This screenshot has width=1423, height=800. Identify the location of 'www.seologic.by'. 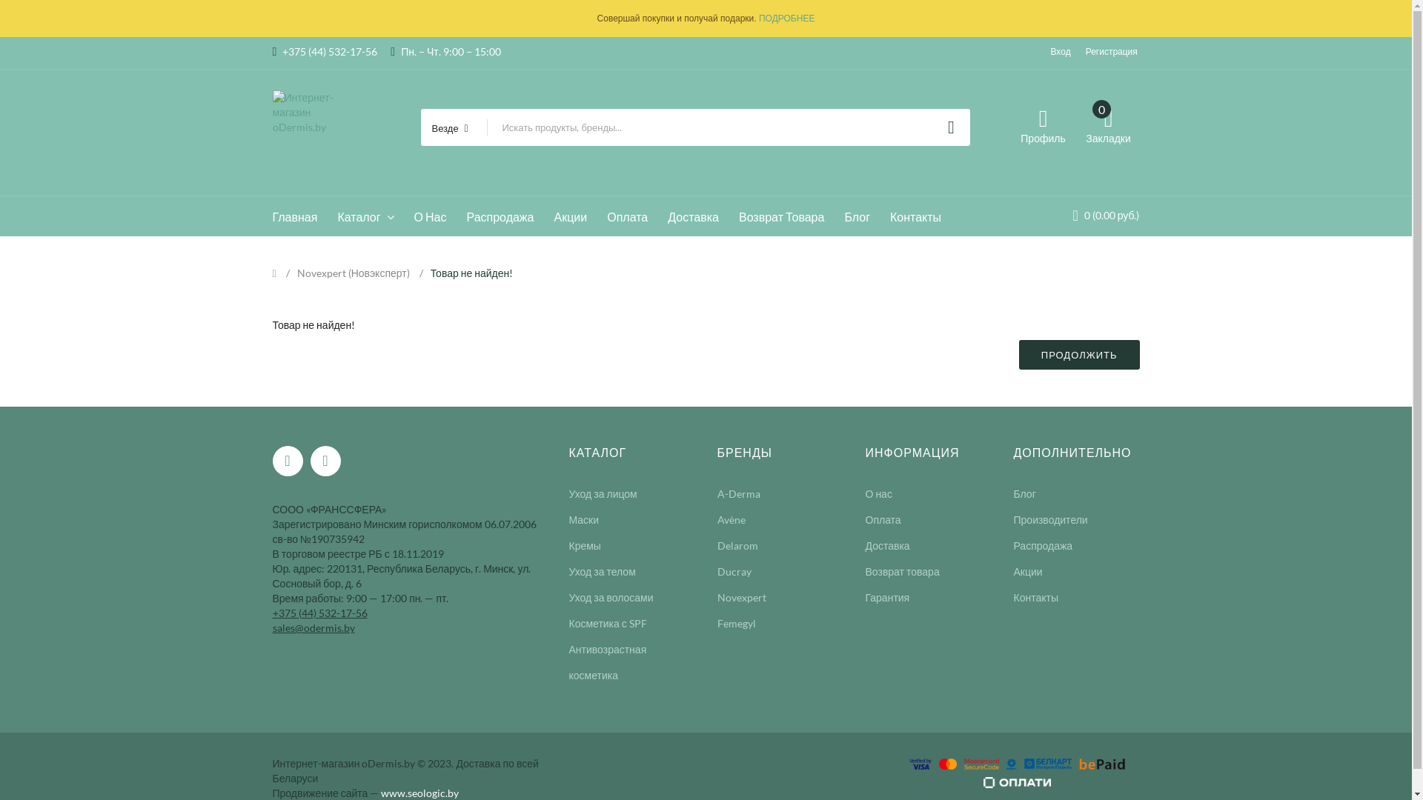
(419, 792).